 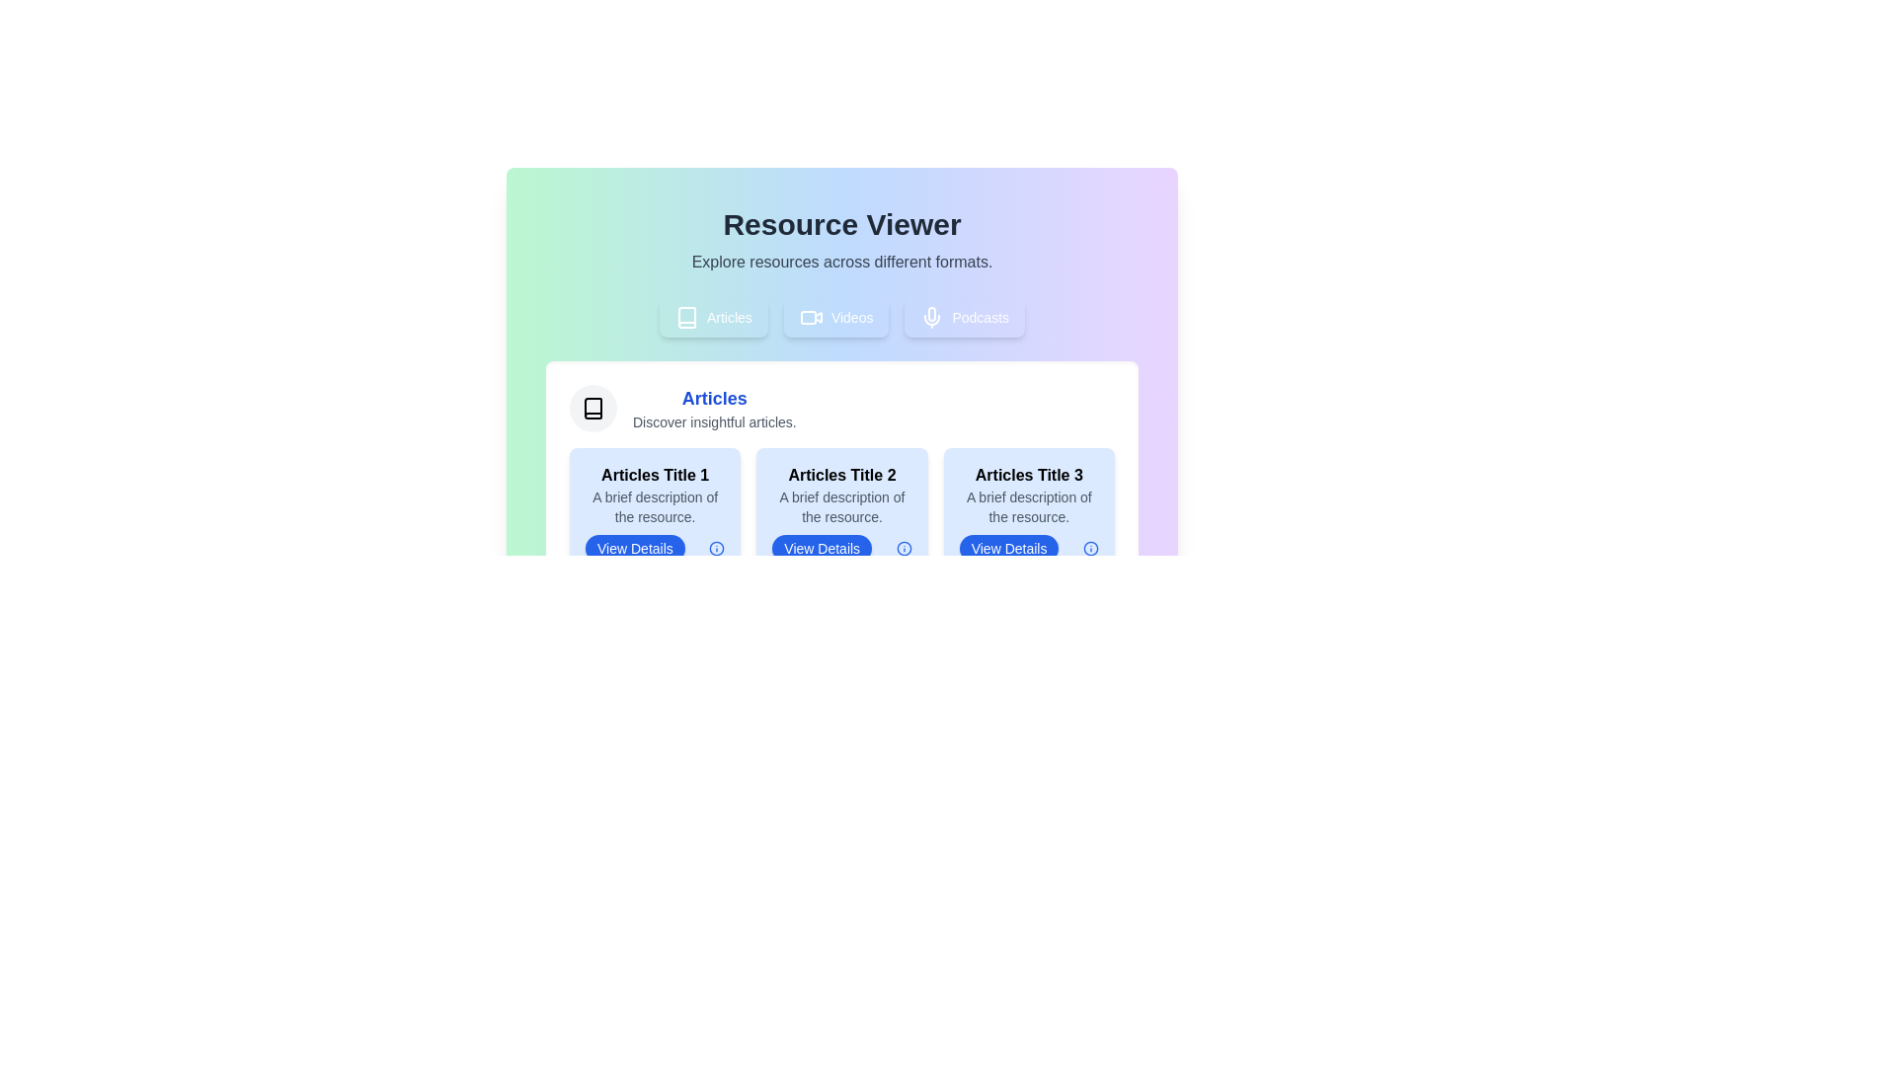 What do you see at coordinates (903, 548) in the screenshot?
I see `the blue circular informational icon within the 'View Details' button of the second card ('Articles Title 2')` at bounding box center [903, 548].